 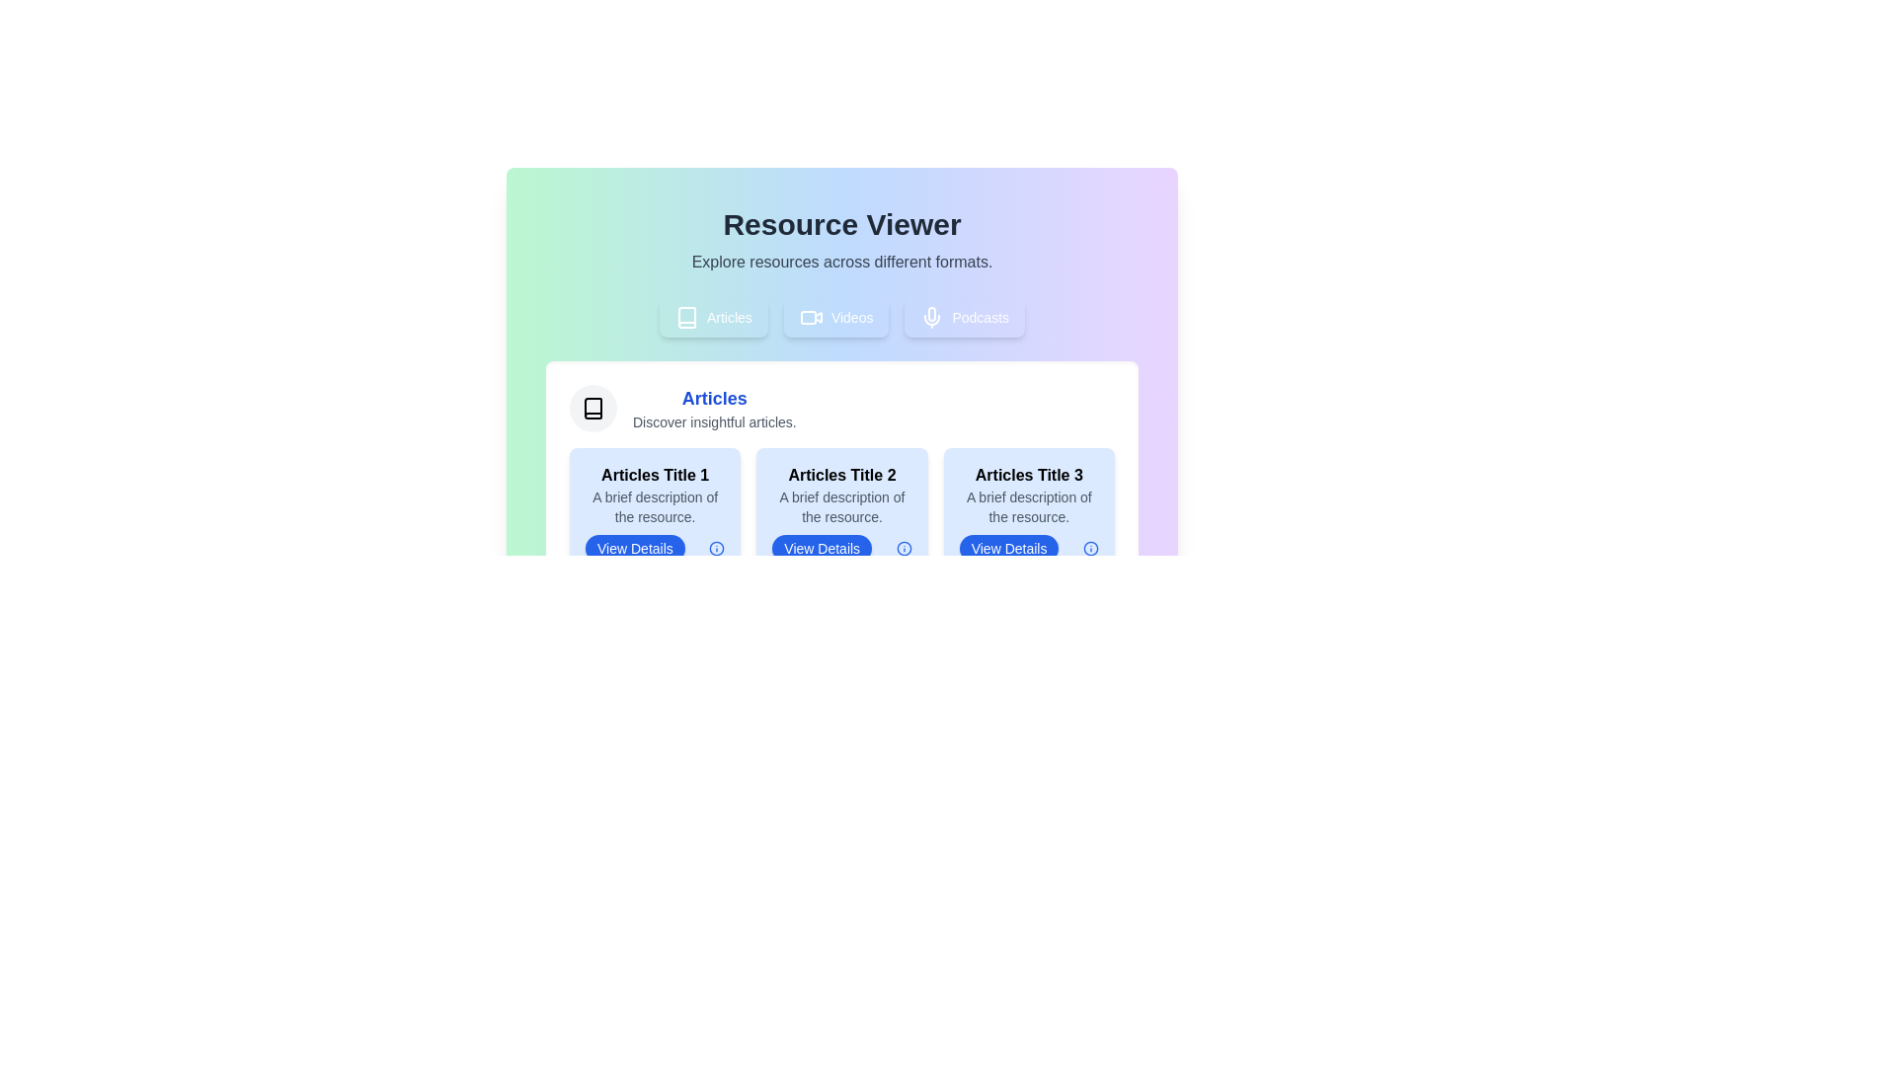 What do you see at coordinates (903, 548) in the screenshot?
I see `the blue circular informational icon within the 'View Details' button of the second card ('Articles Title 2')` at bounding box center [903, 548].